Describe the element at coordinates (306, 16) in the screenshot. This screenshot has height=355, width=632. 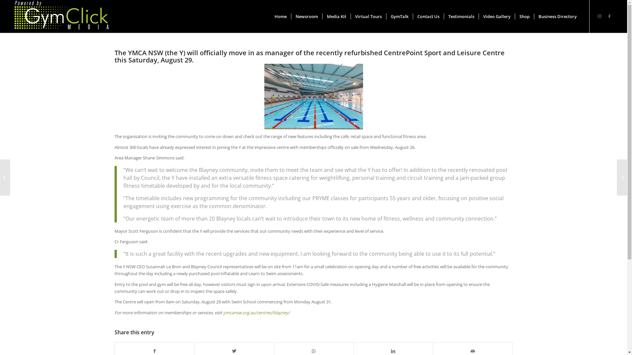
I see `'Newsroom'` at that location.